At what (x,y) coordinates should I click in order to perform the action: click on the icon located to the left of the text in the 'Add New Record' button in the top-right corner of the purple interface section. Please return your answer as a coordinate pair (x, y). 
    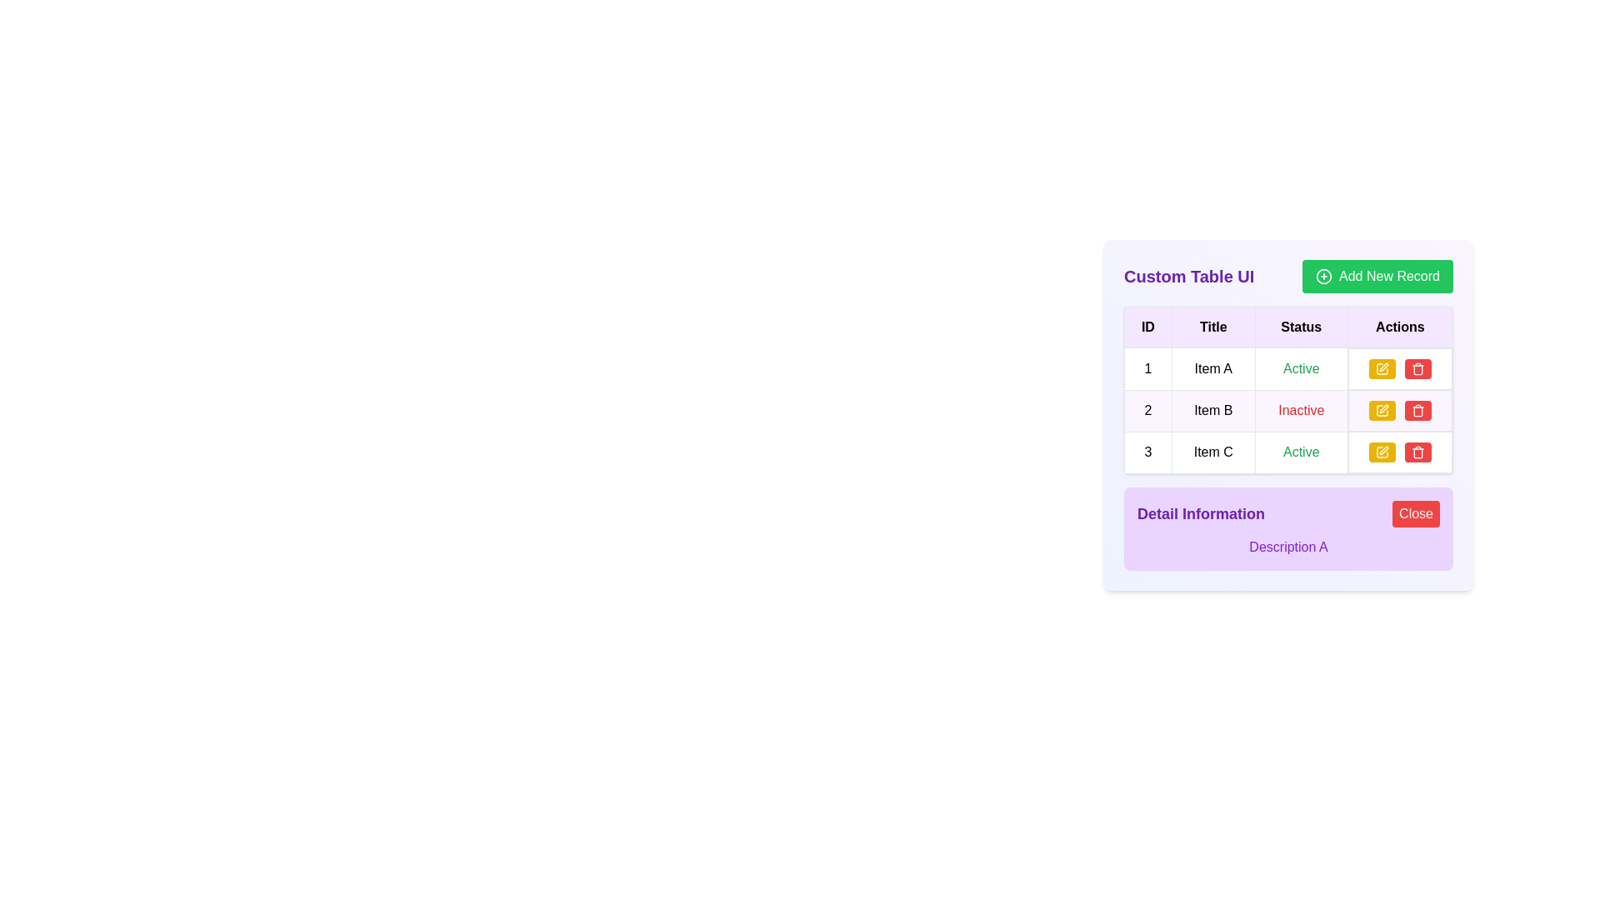
    Looking at the image, I should click on (1322, 275).